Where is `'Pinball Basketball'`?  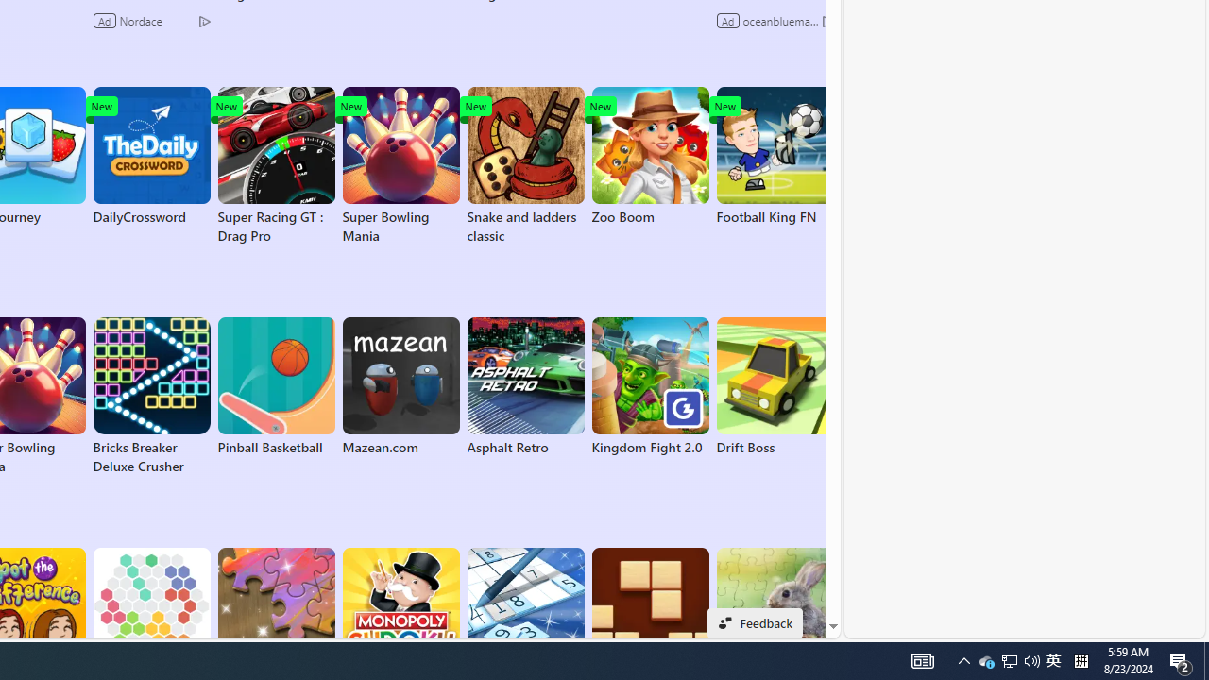 'Pinball Basketball' is located at coordinates (275, 386).